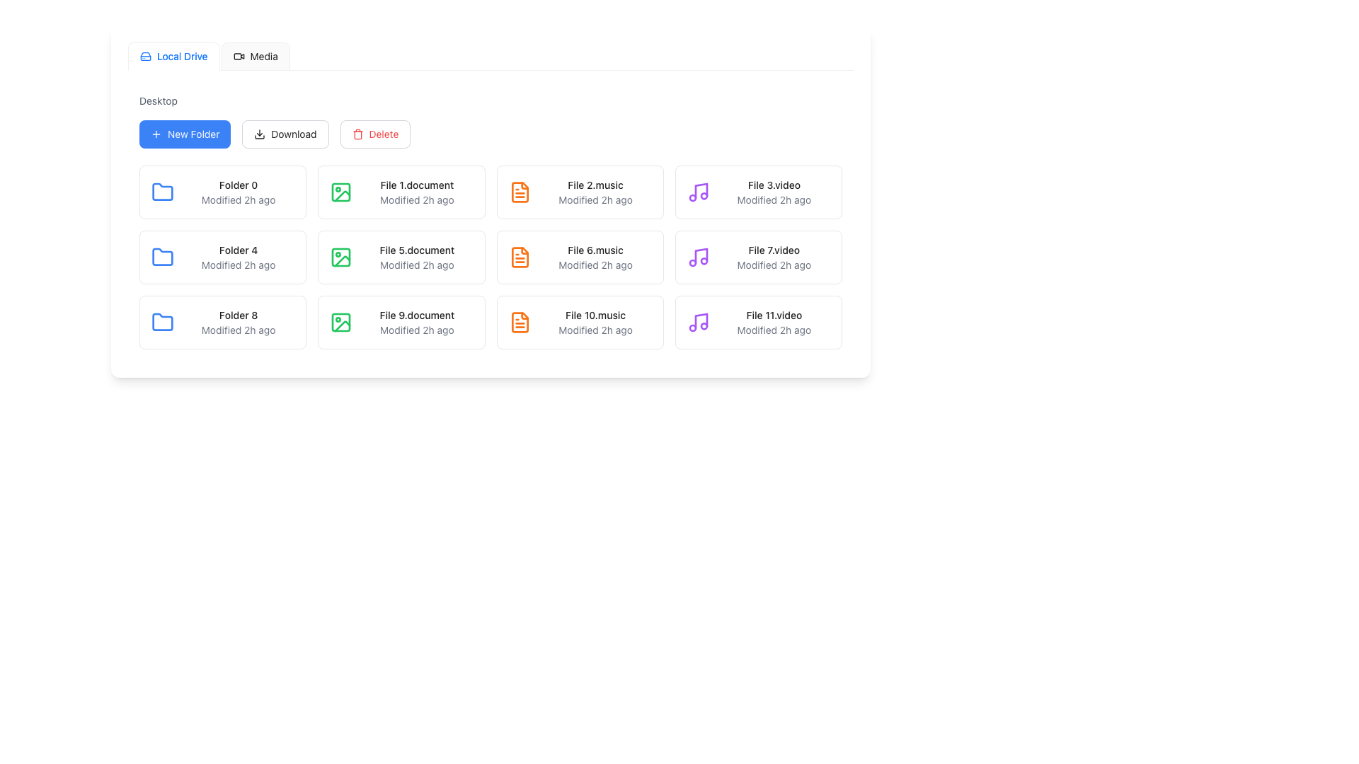 This screenshot has height=764, width=1359. Describe the element at coordinates (264, 56) in the screenshot. I see `the text label displaying 'Media', which is styled with a sans-serif font and located in the upper left navigation area, adjacent to a video camera icon` at that location.